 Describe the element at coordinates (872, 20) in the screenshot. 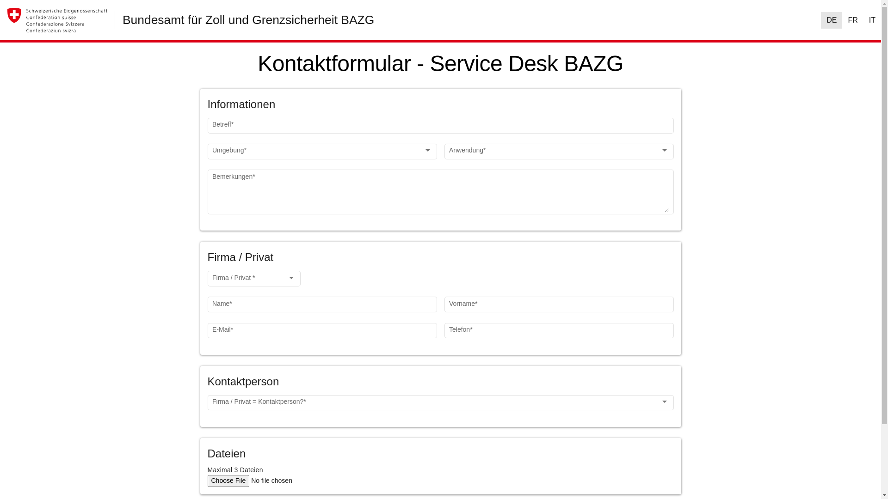

I see `'IT'` at that location.